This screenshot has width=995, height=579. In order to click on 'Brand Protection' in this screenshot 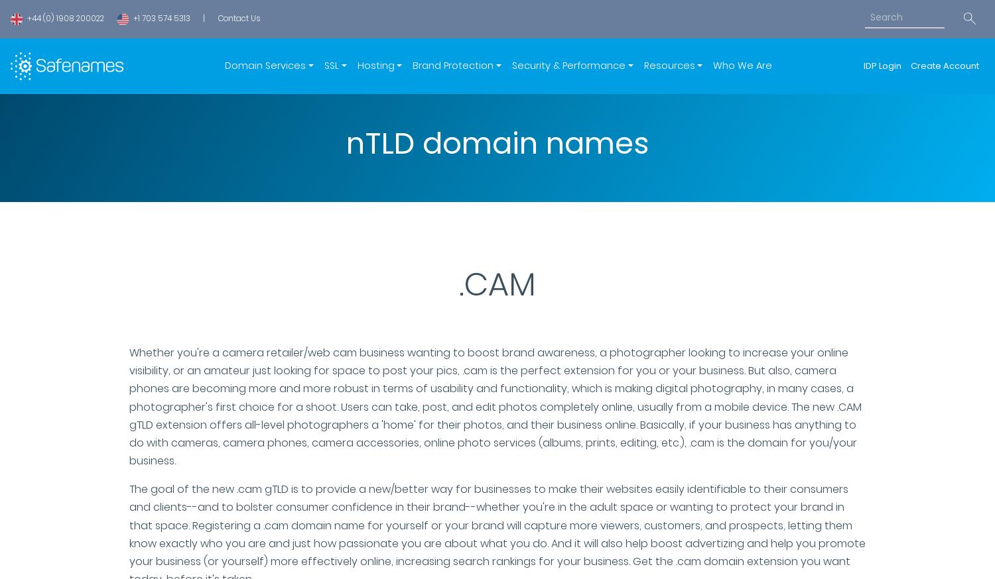, I will do `click(452, 66)`.